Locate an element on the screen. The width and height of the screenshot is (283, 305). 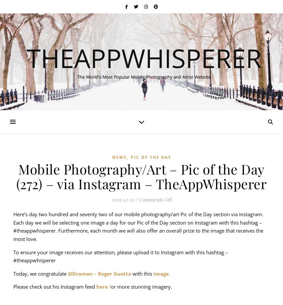
'or more stunning imagery.' is located at coordinates (141, 286).